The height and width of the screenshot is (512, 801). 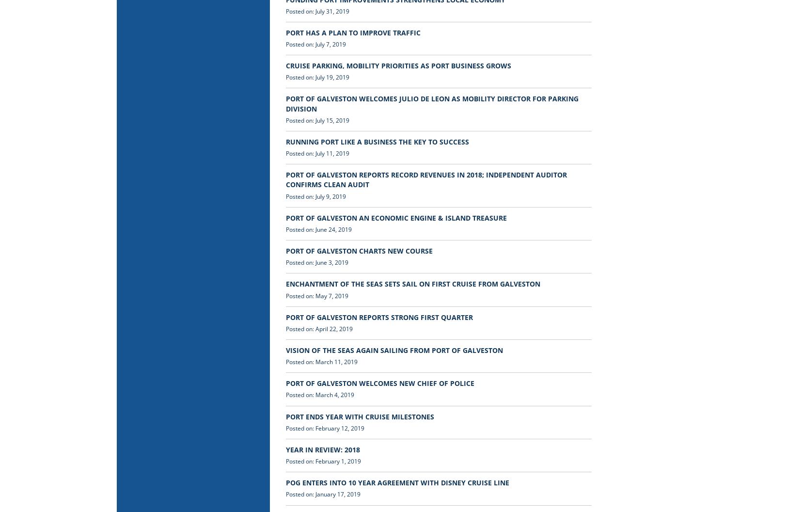 I want to click on 'PORT OF GALVESTON AN ECONOMIC ENGINE & ISLAND TREASURE', so click(x=396, y=217).